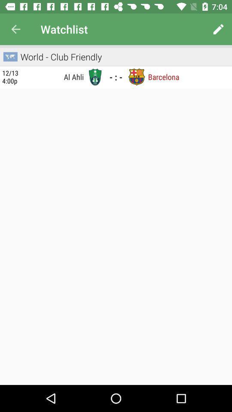  What do you see at coordinates (164, 76) in the screenshot?
I see `barcelona item` at bounding box center [164, 76].